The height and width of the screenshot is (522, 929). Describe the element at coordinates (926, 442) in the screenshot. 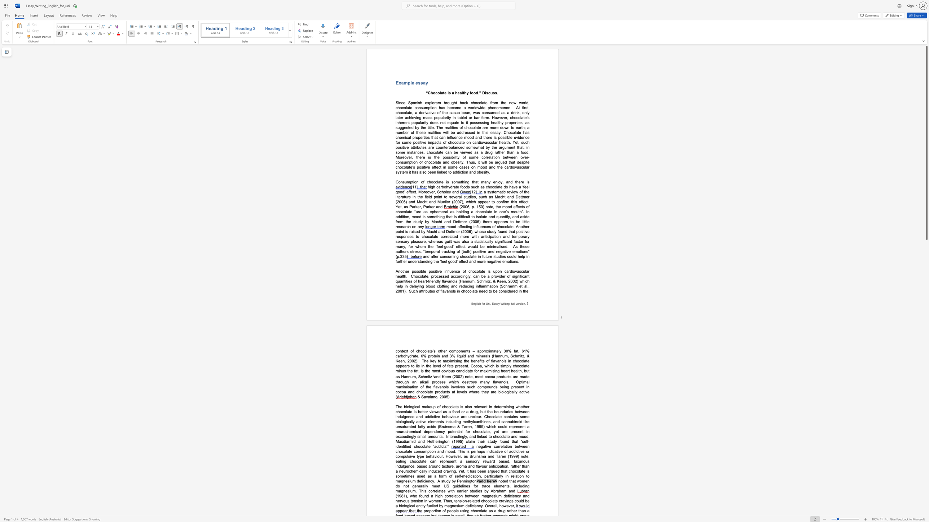

I see `the scrollbar on the right to shift the page lower` at that location.